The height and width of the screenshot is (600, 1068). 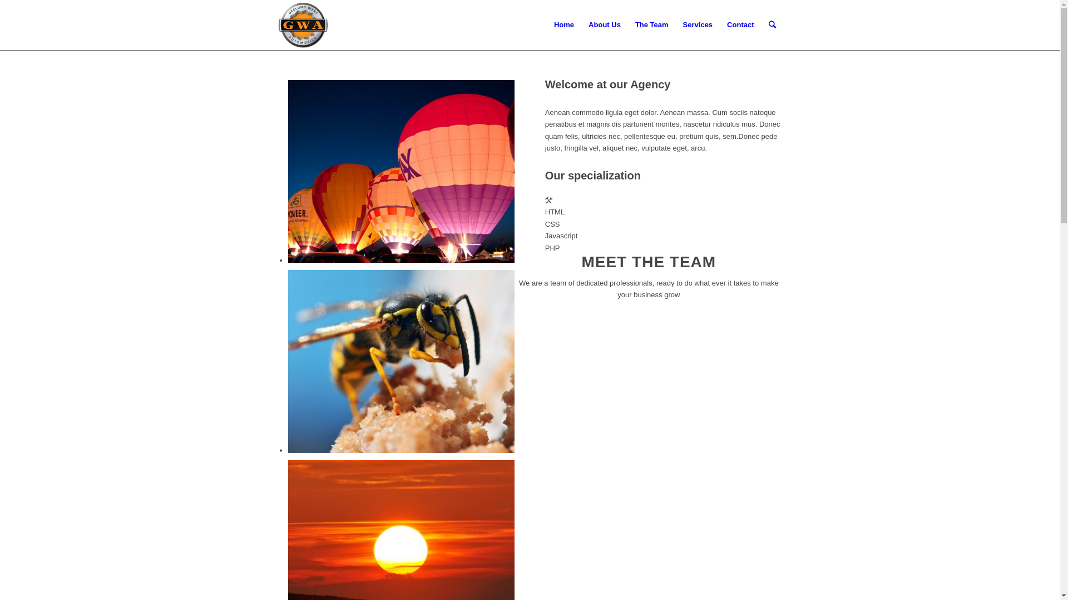 What do you see at coordinates (400, 361) in the screenshot?
I see `'014'` at bounding box center [400, 361].